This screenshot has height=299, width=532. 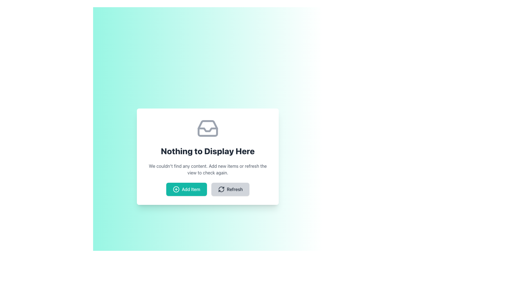 I want to click on the first button labeled 'Add' located centrally below the title 'Nothing, so click(x=186, y=189).